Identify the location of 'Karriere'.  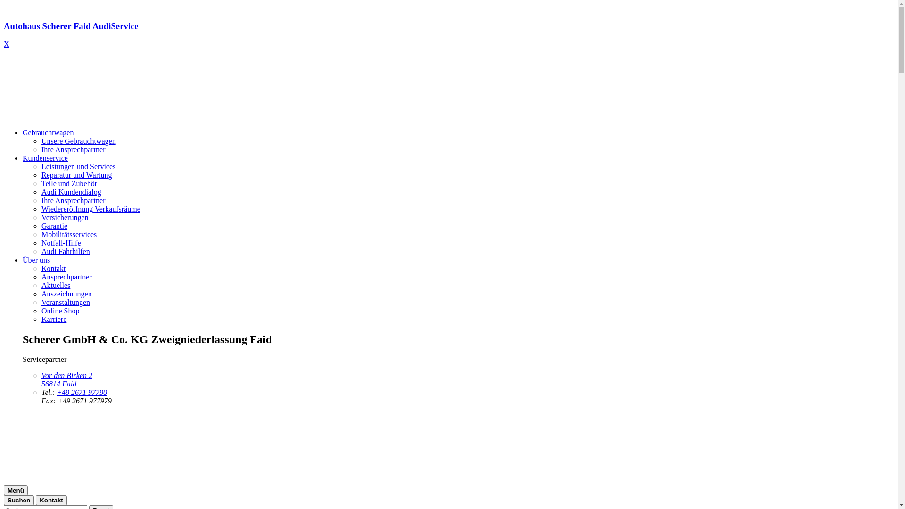
(53, 319).